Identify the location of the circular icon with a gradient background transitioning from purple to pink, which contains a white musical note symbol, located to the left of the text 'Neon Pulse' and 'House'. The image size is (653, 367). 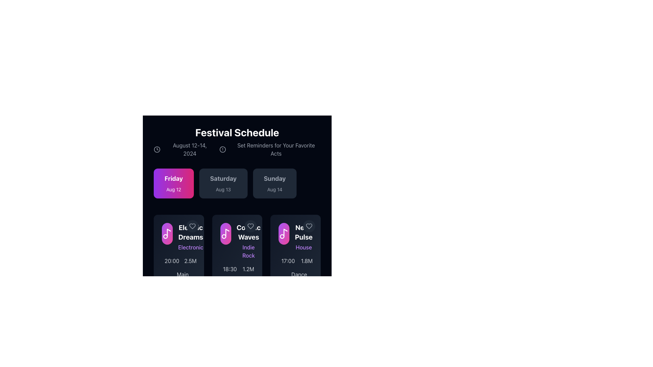
(284, 233).